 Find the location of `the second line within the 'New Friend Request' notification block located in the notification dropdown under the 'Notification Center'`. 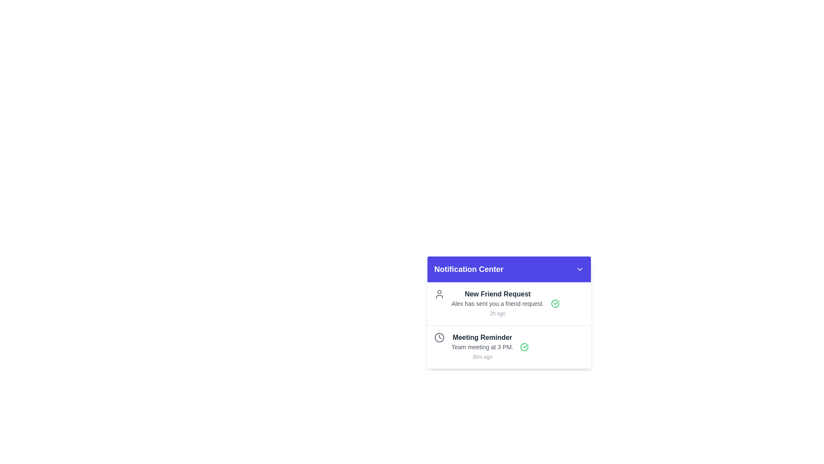

the second line within the 'New Friend Request' notification block located in the notification dropdown under the 'Notification Center' is located at coordinates (497, 303).